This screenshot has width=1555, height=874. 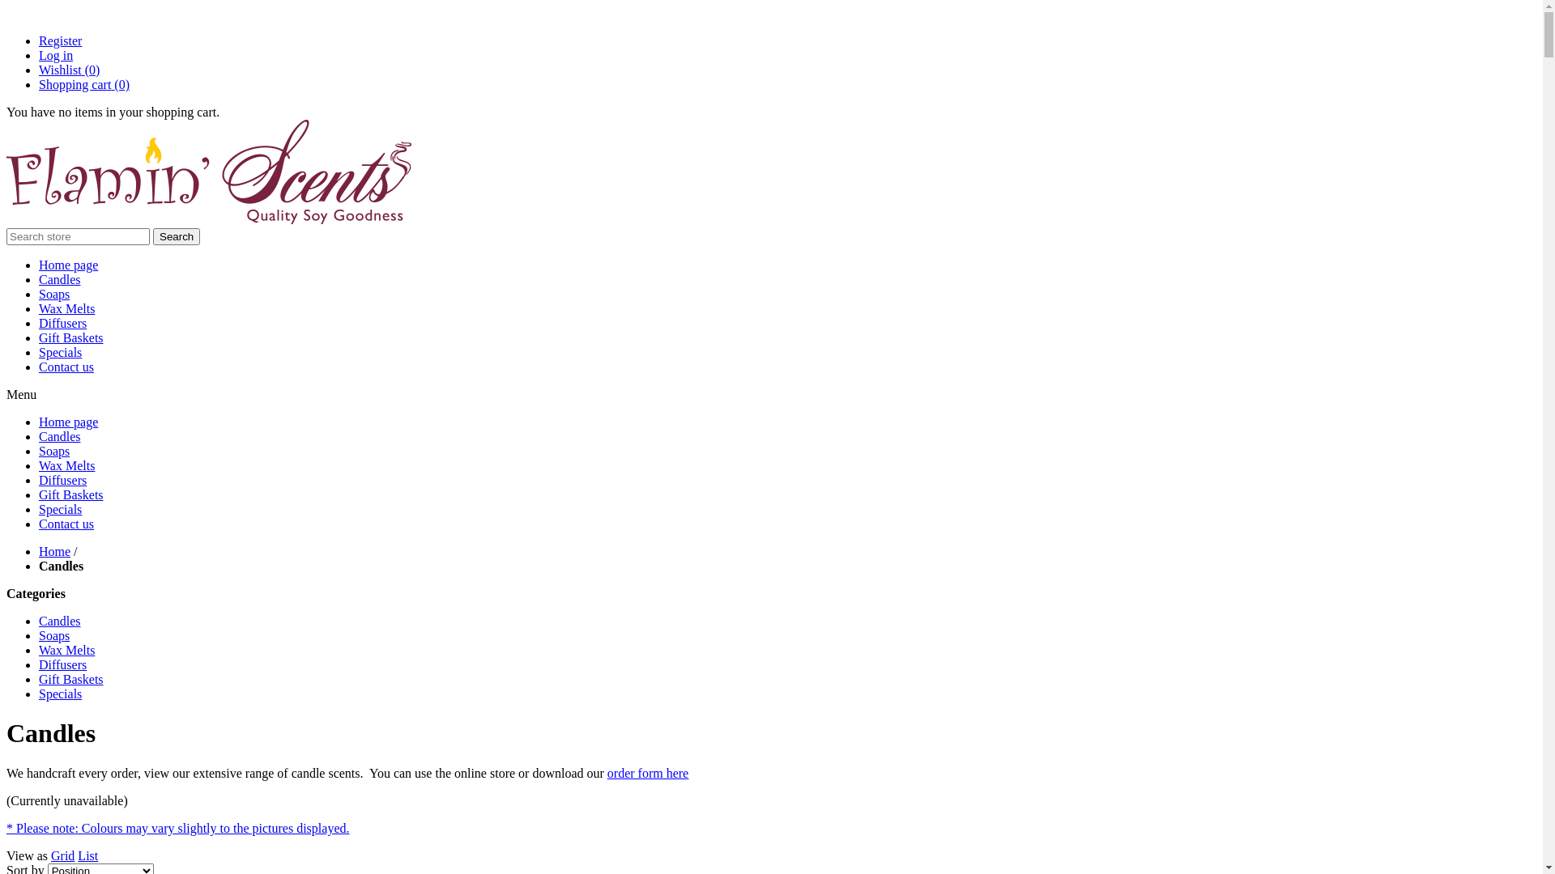 What do you see at coordinates (77, 855) in the screenshot?
I see `'List'` at bounding box center [77, 855].